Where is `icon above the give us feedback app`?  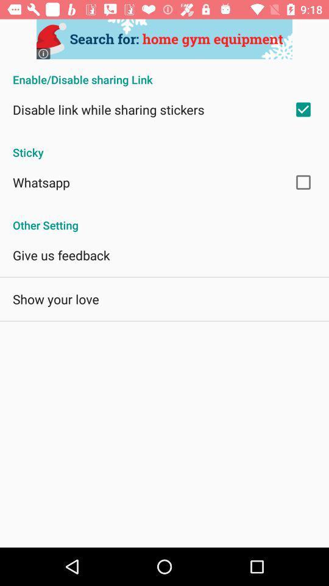
icon above the give us feedback app is located at coordinates (164, 219).